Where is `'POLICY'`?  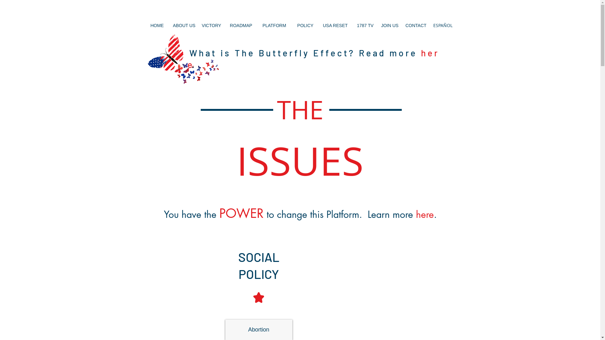 'POLICY' is located at coordinates (305, 25).